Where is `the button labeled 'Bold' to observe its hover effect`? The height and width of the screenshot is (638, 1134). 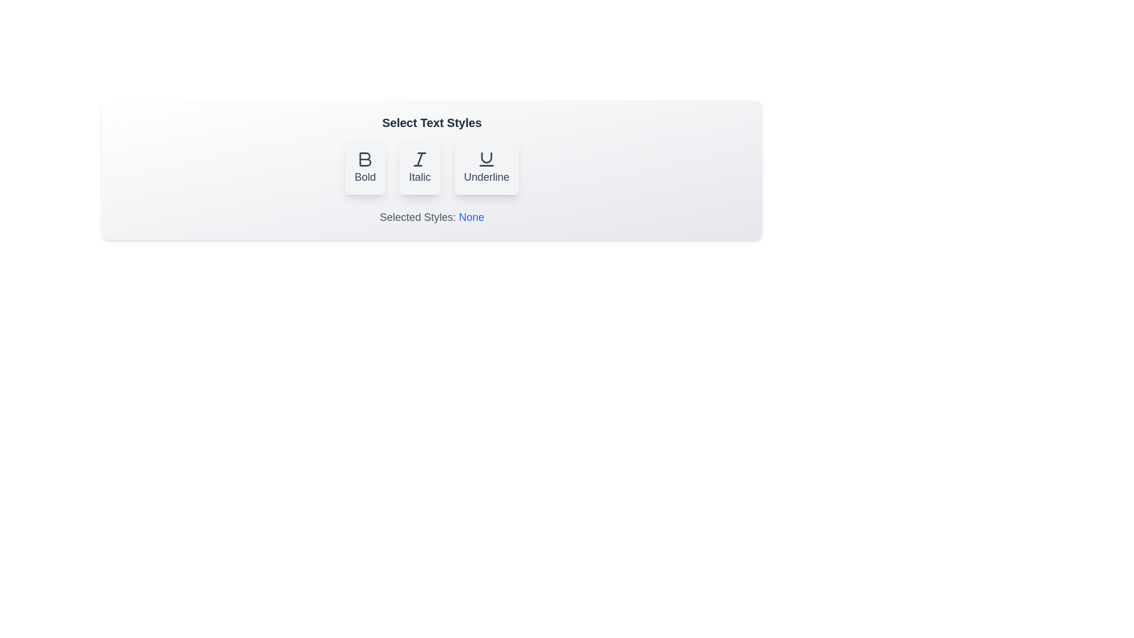
the button labeled 'Bold' to observe its hover effect is located at coordinates (364, 168).